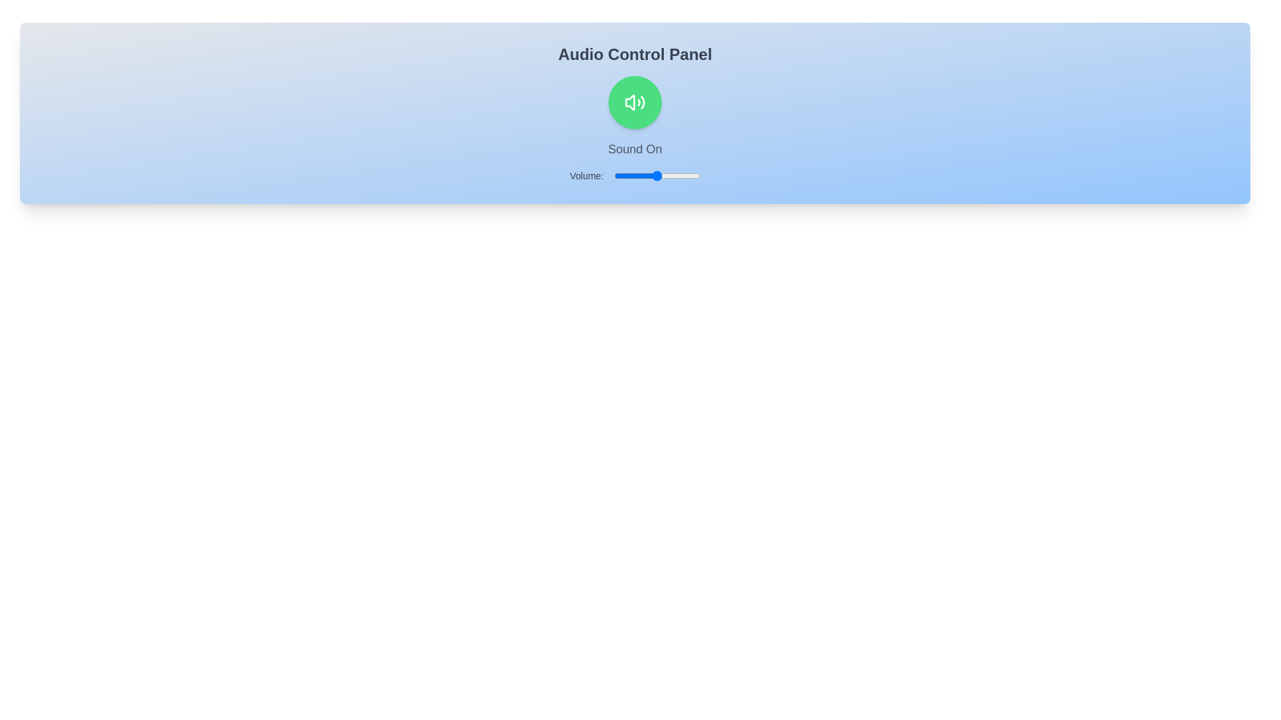 The image size is (1281, 720). I want to click on the volume slider to set the volume to 53%, so click(660, 175).